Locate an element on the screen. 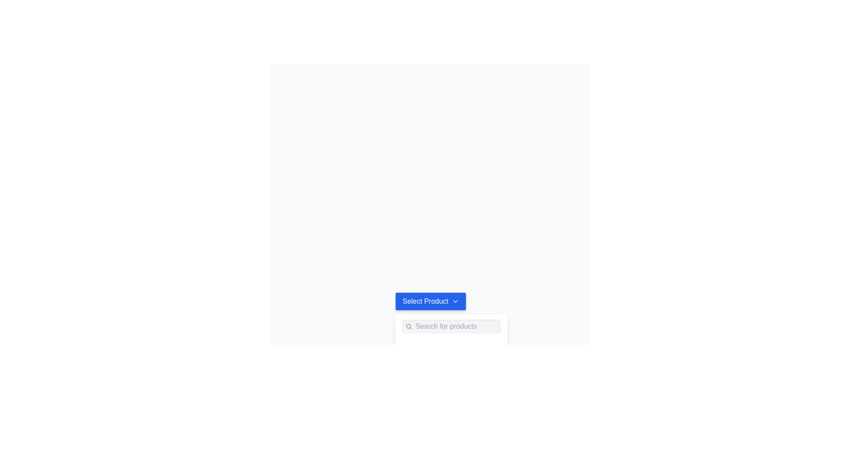 Image resolution: width=844 pixels, height=474 pixels. the search bar text input field located to the right of the magnifying glass icon, which has a light gray background and rounded rectangle styling is located at coordinates (456, 327).